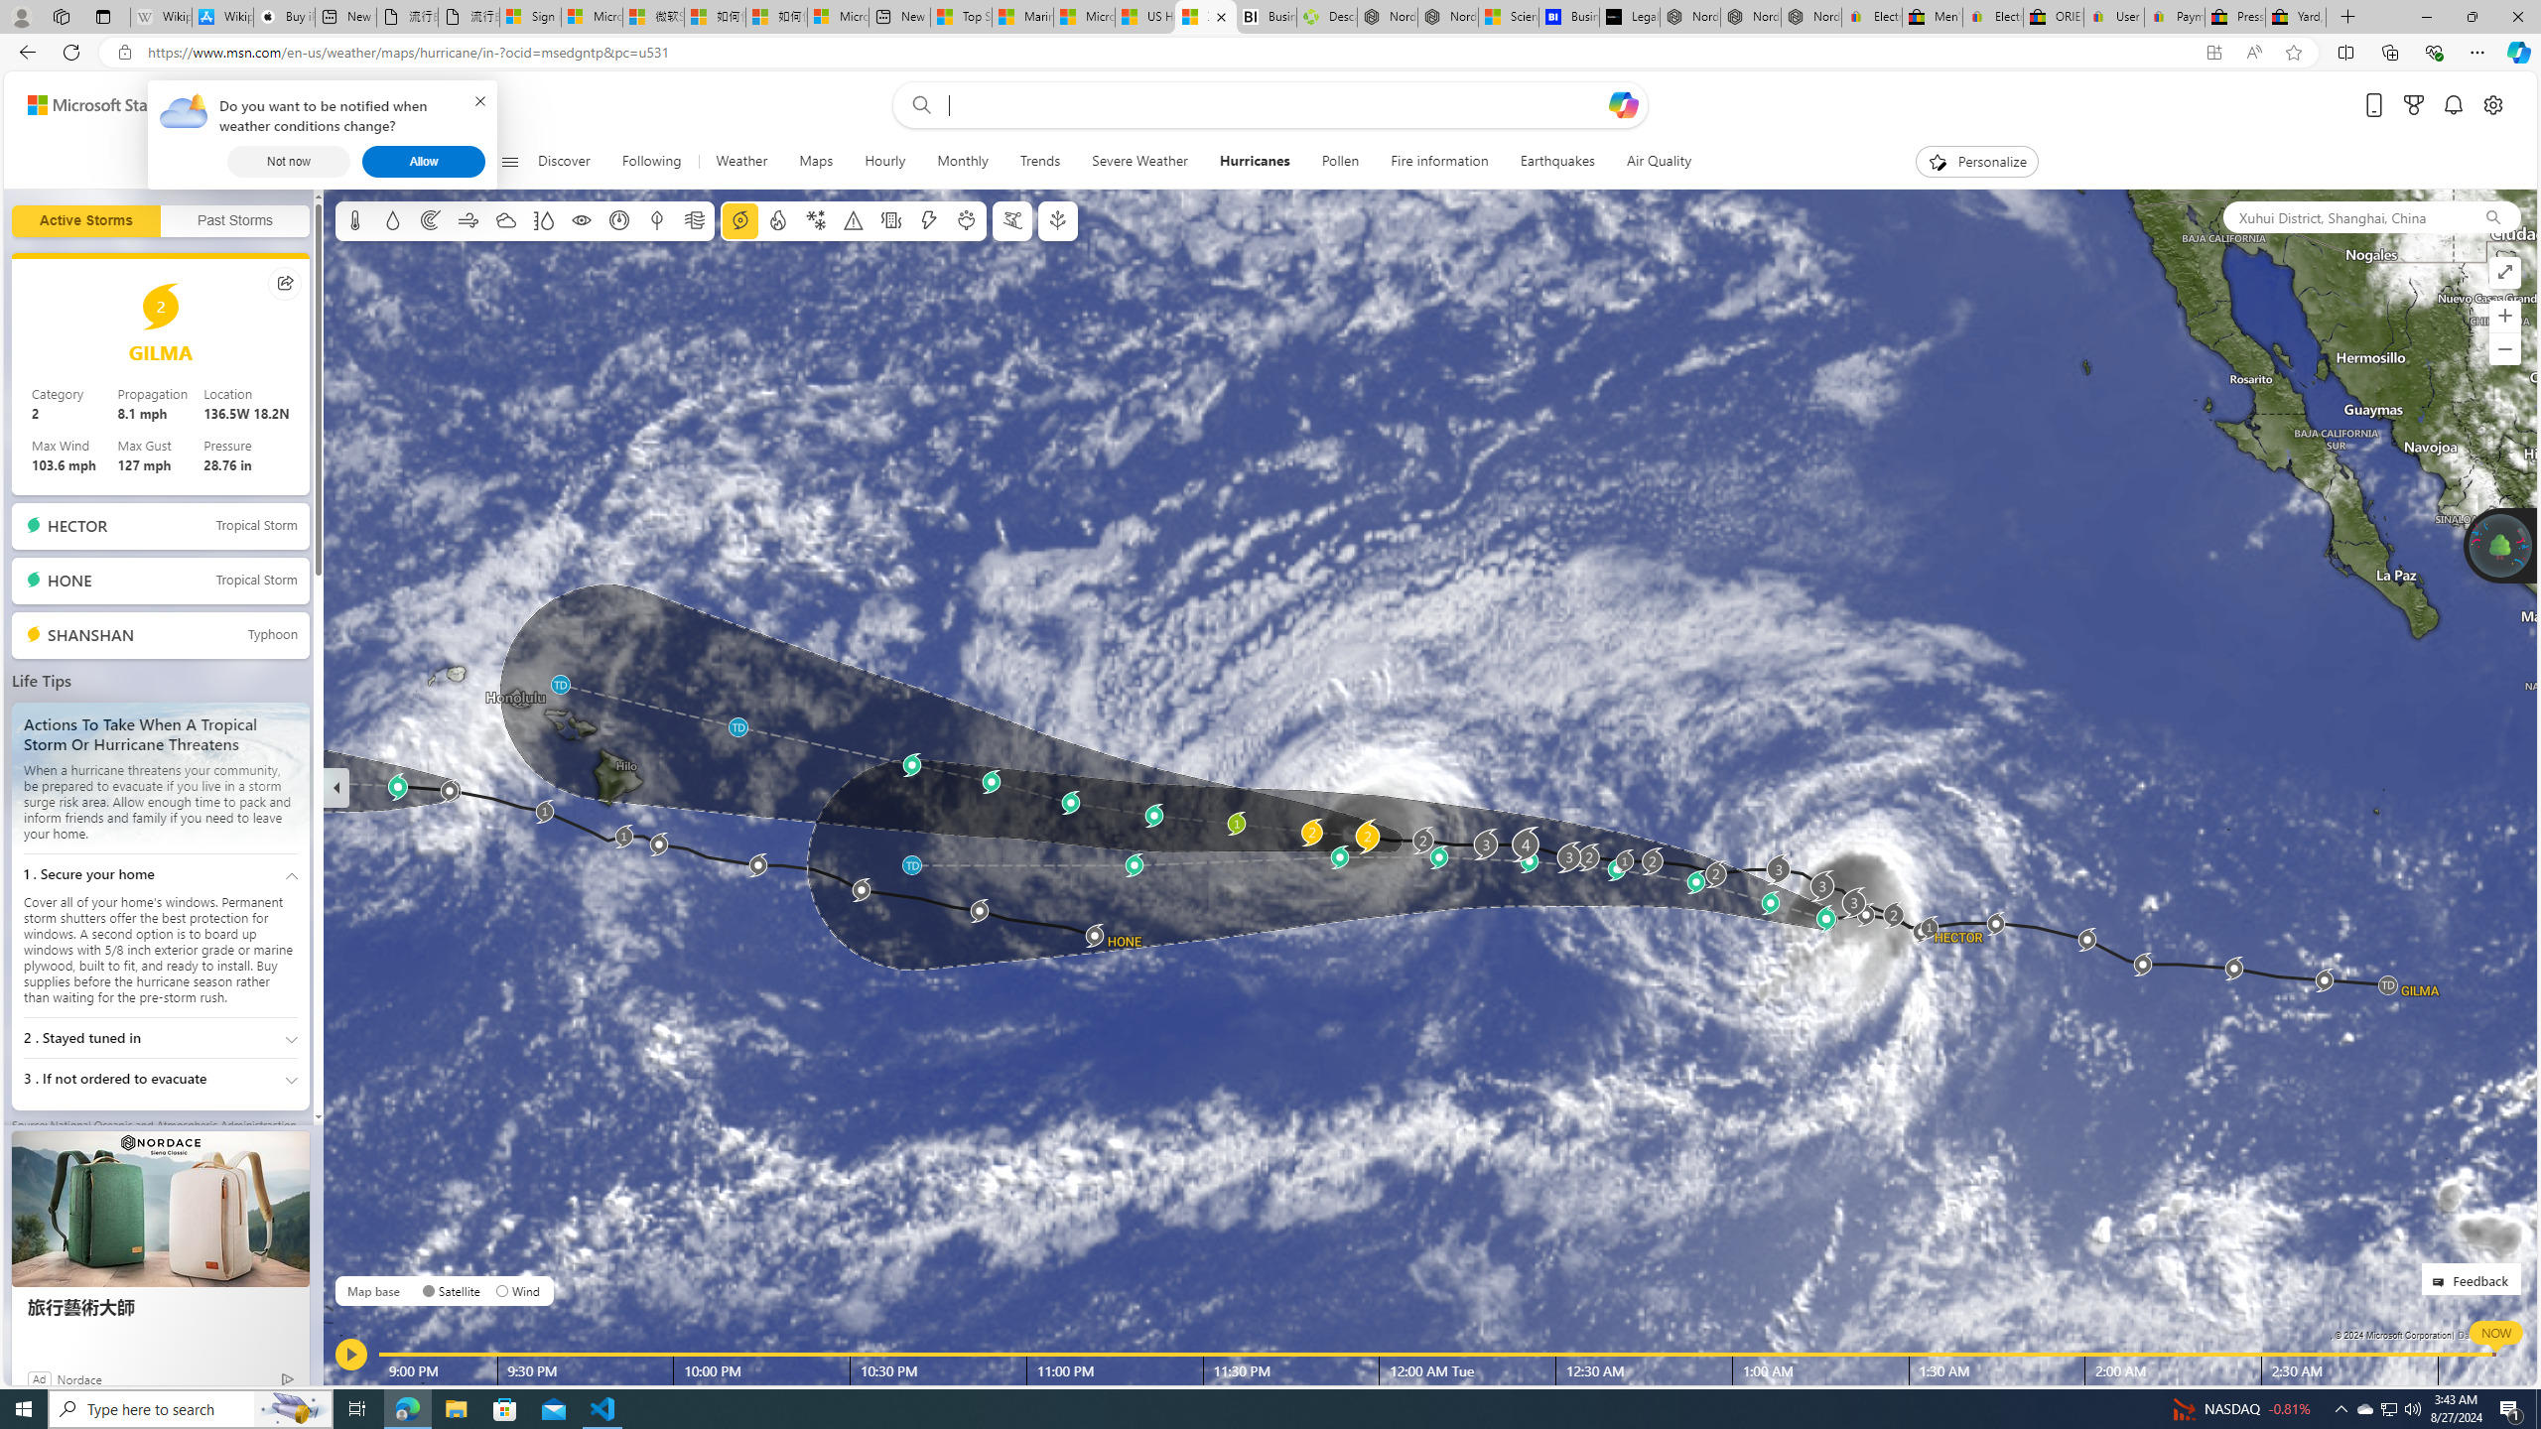 The width and height of the screenshot is (2541, 1429). Describe the element at coordinates (1138, 161) in the screenshot. I see `'Severe Weather'` at that location.